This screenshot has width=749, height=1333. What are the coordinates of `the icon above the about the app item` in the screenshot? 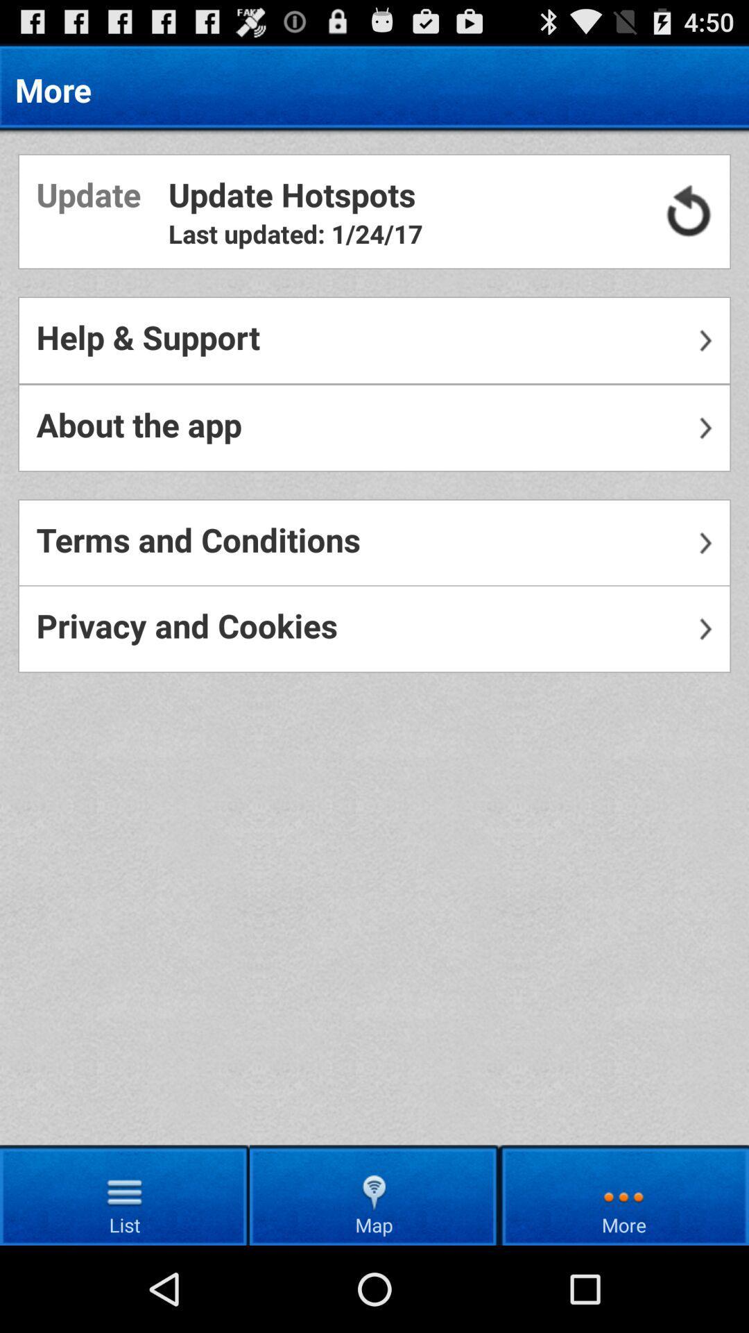 It's located at (374, 340).